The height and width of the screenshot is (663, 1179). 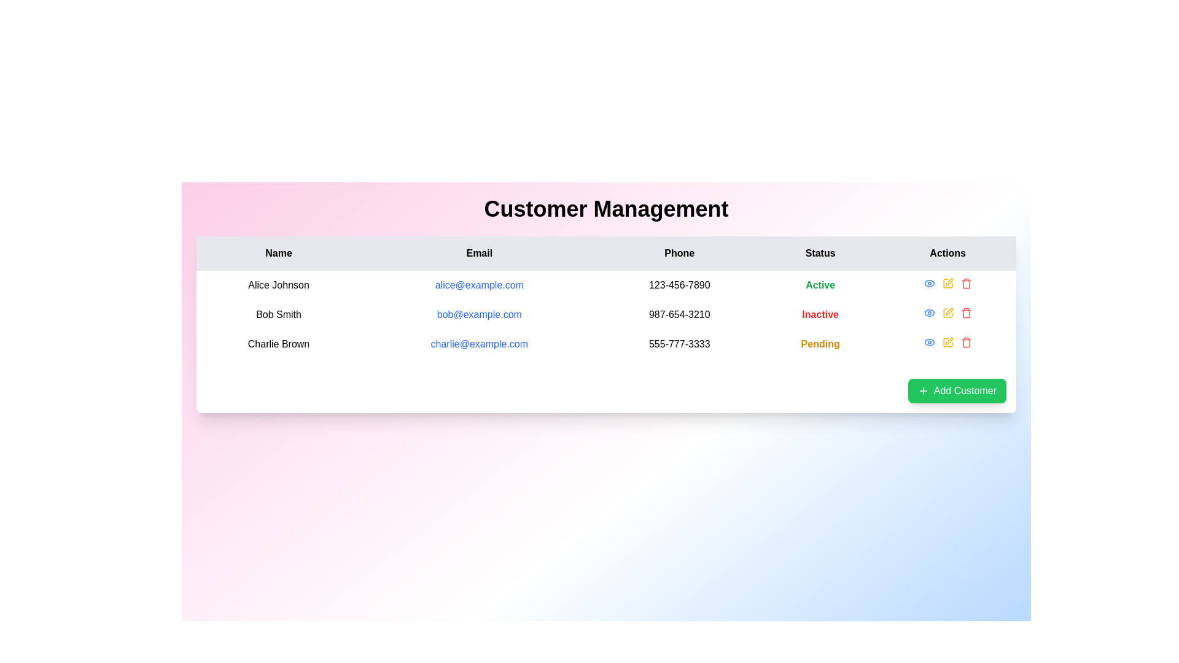 What do you see at coordinates (278, 314) in the screenshot?
I see `the Text label in the middle row of the table's 'Name' column, which identifies the individual, located above 'Charlie Brown' and below 'Alice Johnson'` at bounding box center [278, 314].